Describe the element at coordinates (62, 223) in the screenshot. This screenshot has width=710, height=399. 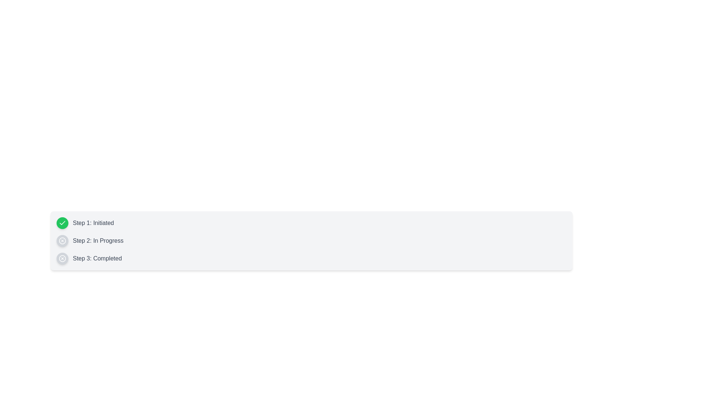
I see `the Button-like indicator that signifies the completion of the first step in the process, located to the left of the text 'Step 1: Initiated'` at that location.